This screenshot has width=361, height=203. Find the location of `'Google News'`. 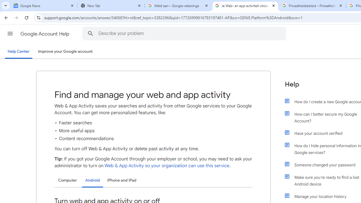

'Google News' is located at coordinates (44, 6).